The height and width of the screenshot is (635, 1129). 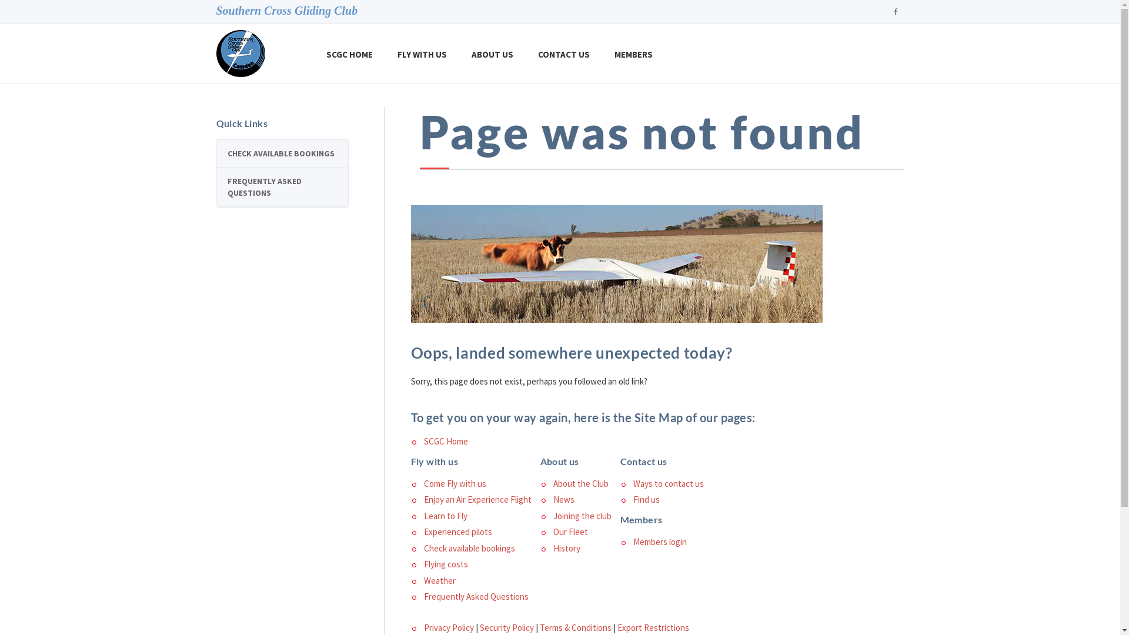 I want to click on 'CHECK AVAILABLE BOOKINGS', so click(x=281, y=153).